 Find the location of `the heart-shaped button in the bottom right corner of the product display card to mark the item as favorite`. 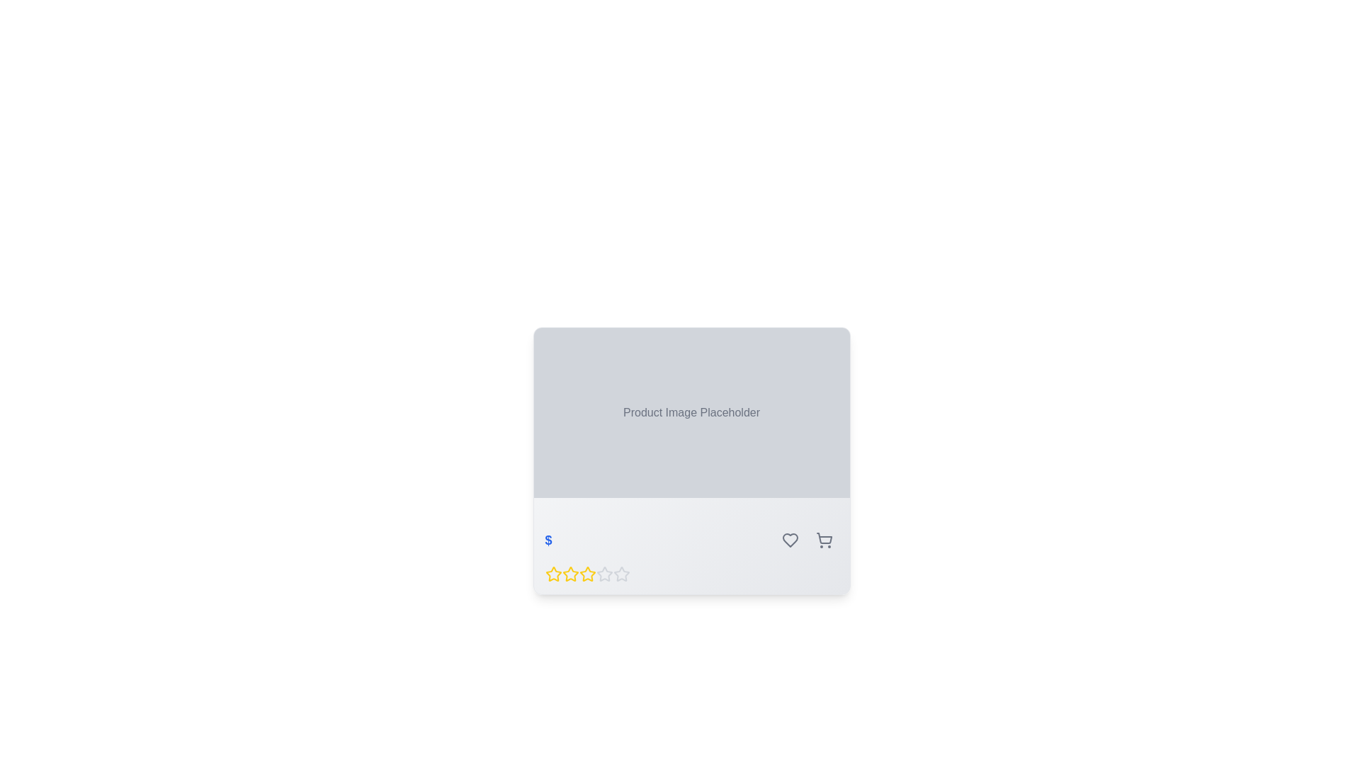

the heart-shaped button in the bottom right corner of the product display card to mark the item as favorite is located at coordinates (807, 540).